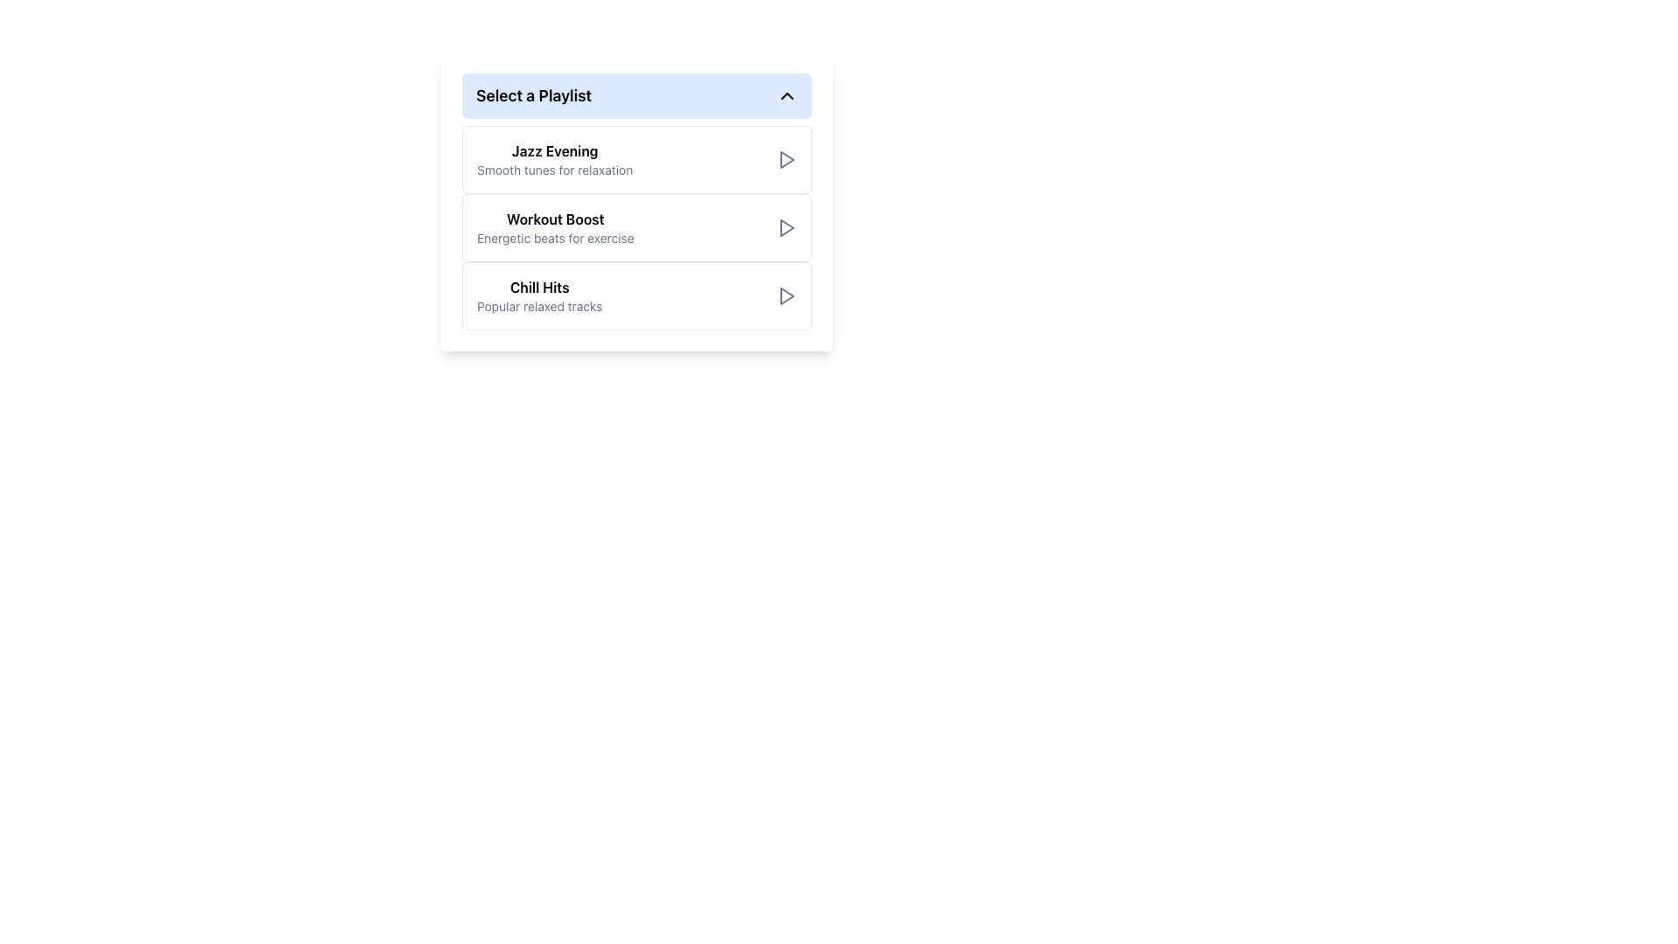  What do you see at coordinates (538, 286) in the screenshot?
I see `the 'Chill Hits' text label, which is the primary title in the third card of the vertically stacked playlist list` at bounding box center [538, 286].